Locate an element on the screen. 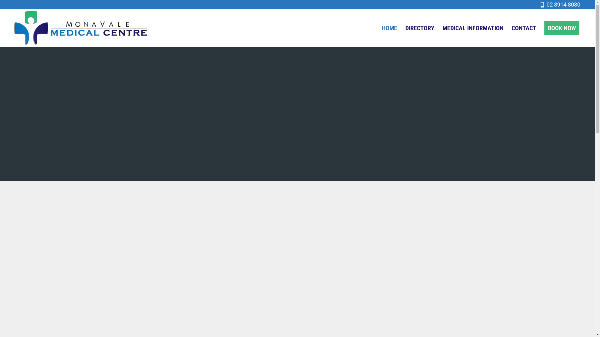  'HOME' is located at coordinates (389, 27).